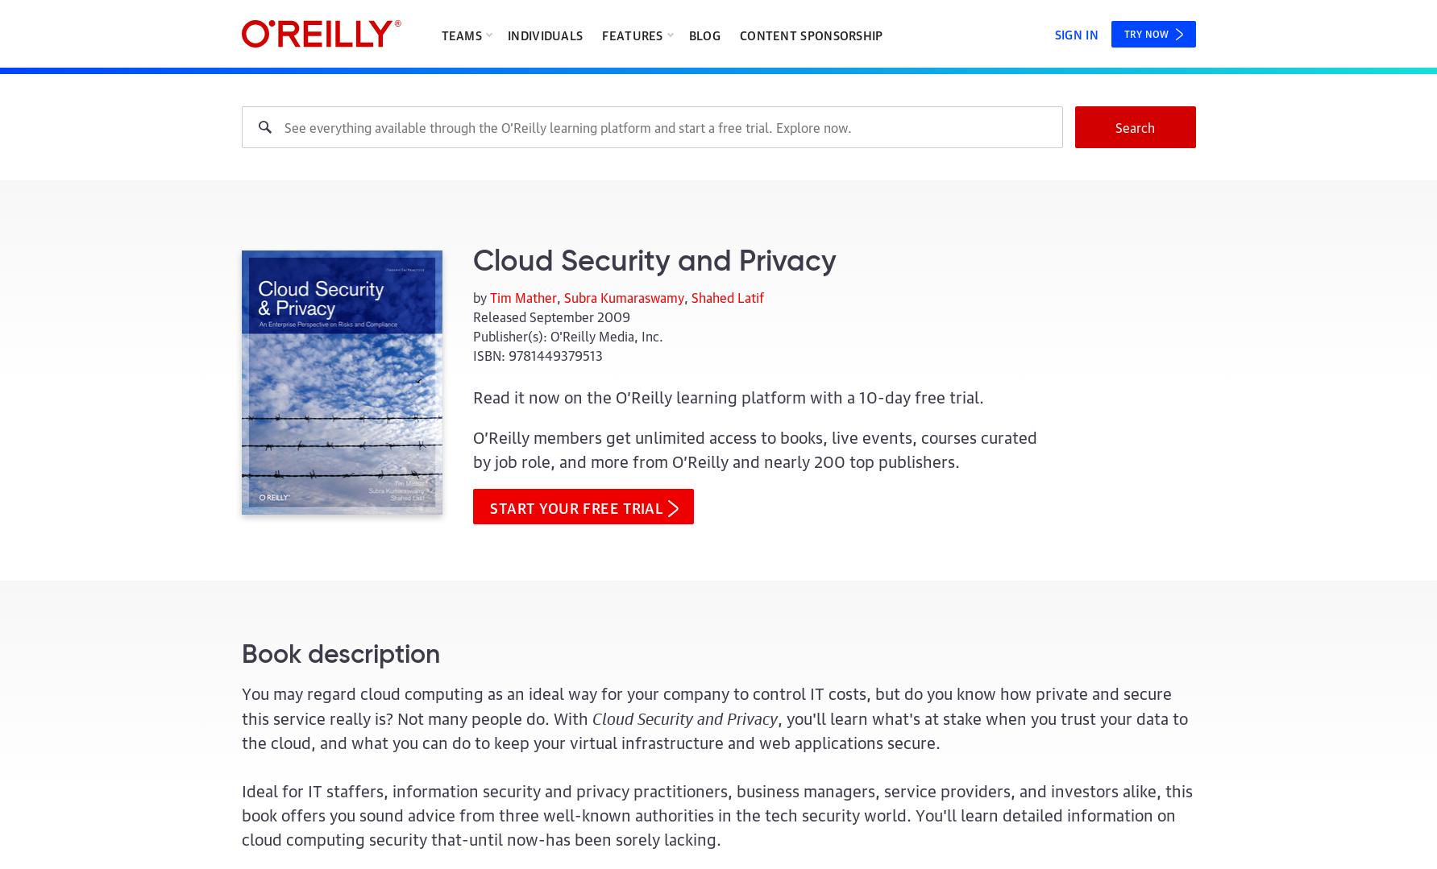 The width and height of the screenshot is (1437, 869). Describe the element at coordinates (240, 703) in the screenshot. I see `'You may regard cloud computing as an ideal way for your company to control IT costs, but do you know how private and secure this service really is? Not many people do. With'` at that location.